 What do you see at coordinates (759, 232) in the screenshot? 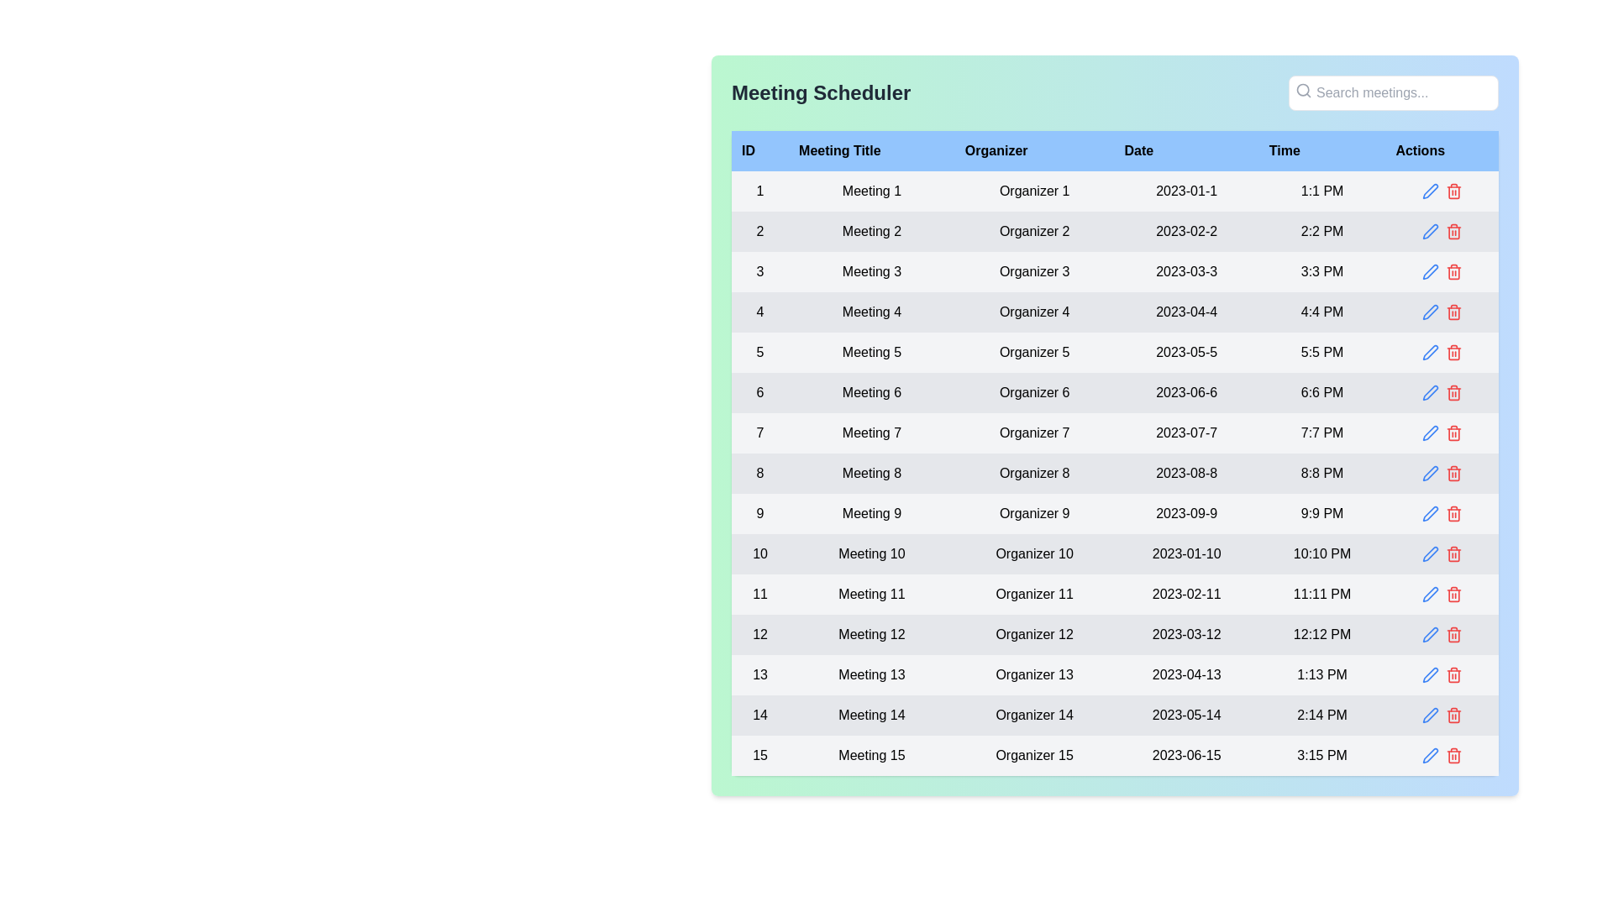
I see `the table cell that uniquely identifies 'Meeting 2', which is the first cell in the row under the 'ID' column` at bounding box center [759, 232].